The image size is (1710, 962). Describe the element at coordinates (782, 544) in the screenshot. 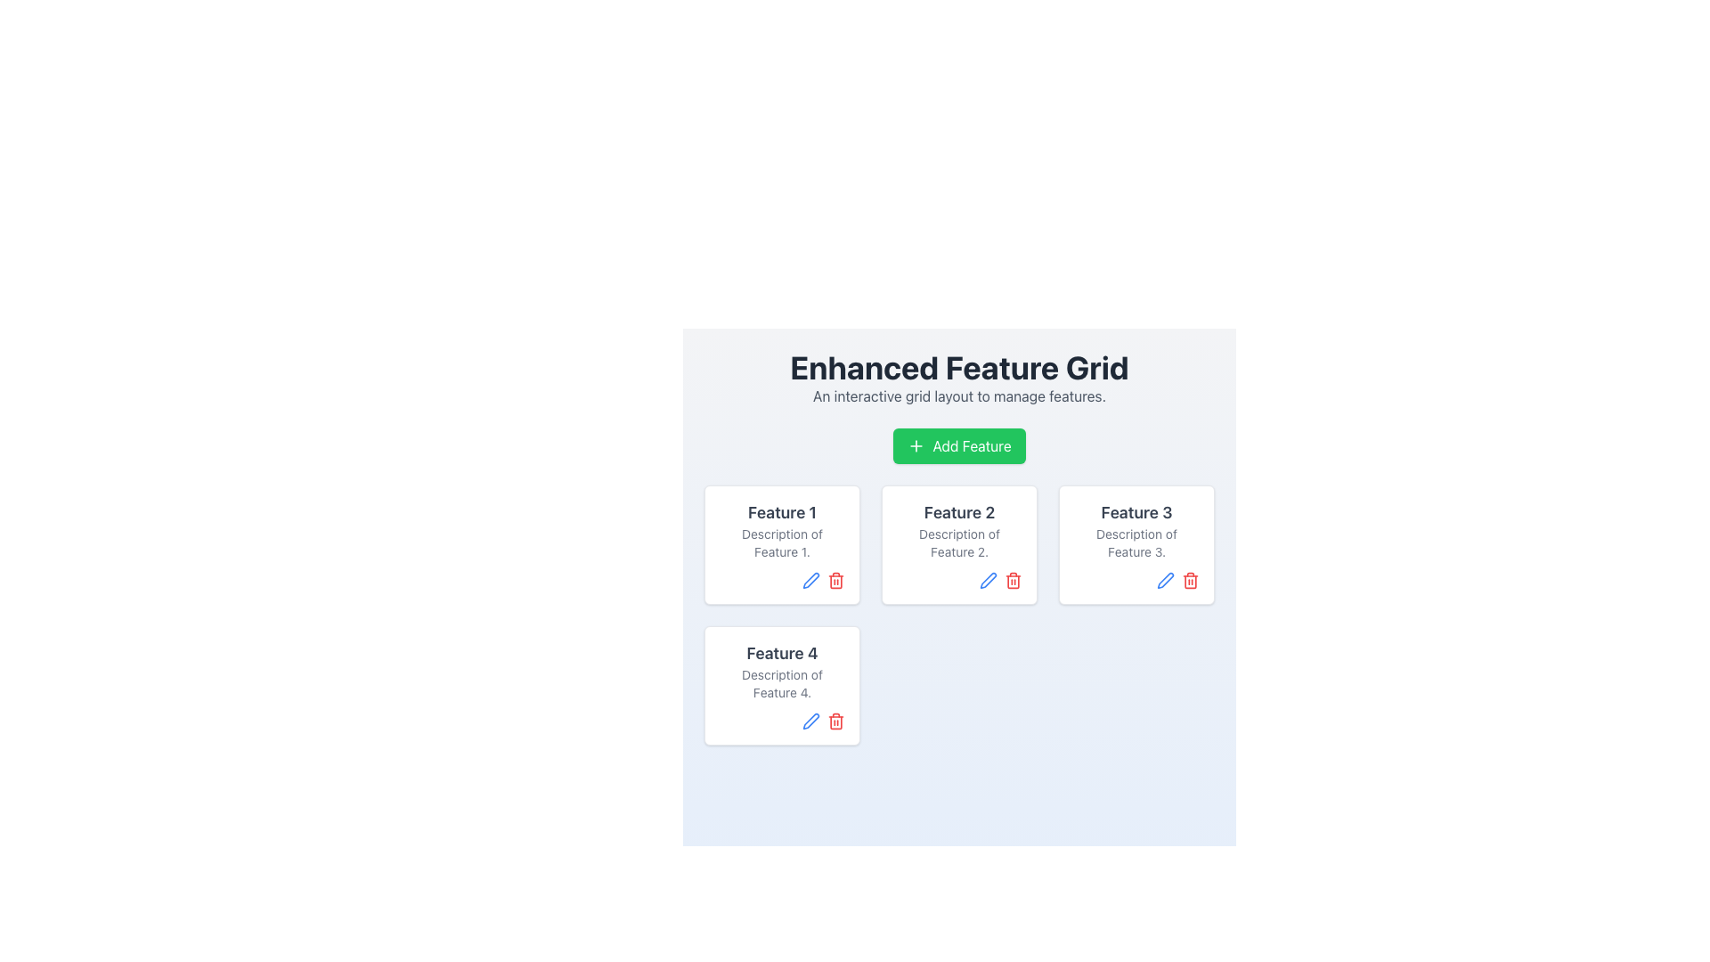

I see `and drop the first List item card in the grid layout` at that location.